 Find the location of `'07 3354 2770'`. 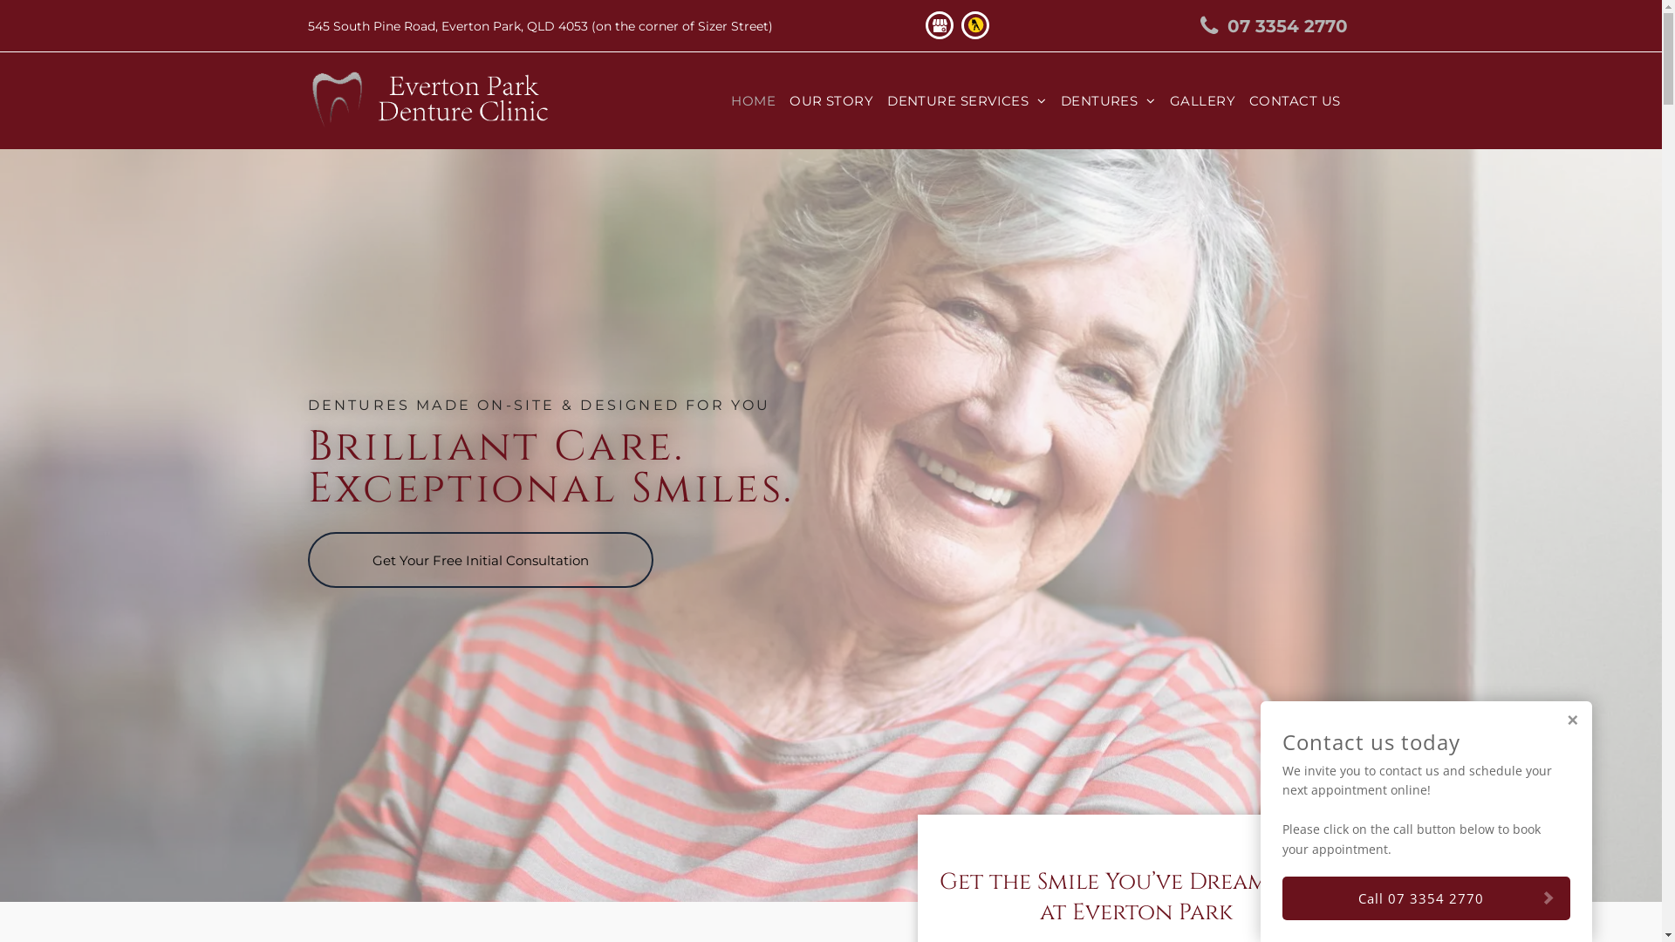

'07 3354 2770' is located at coordinates (1264, 25).